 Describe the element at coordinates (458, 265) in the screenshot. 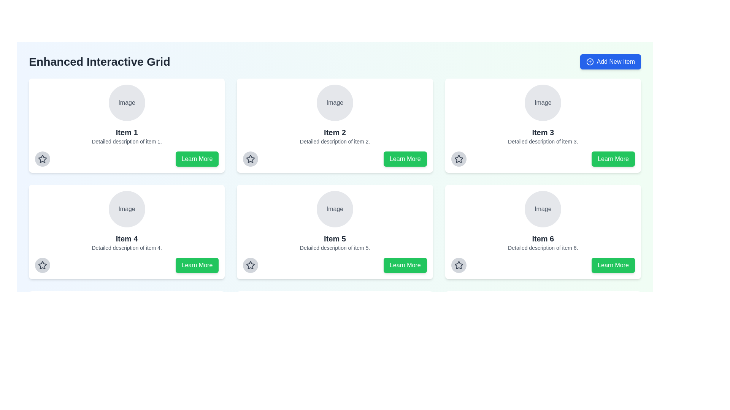

I see `the star icon located at the bottom-left corner of the 'Item 6' card` at that location.